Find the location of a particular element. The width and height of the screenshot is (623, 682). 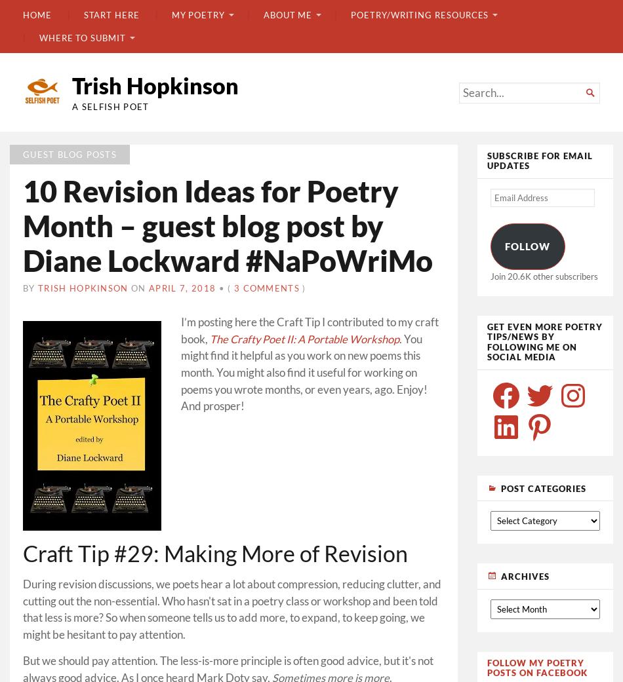

'Archives' is located at coordinates (523, 575).